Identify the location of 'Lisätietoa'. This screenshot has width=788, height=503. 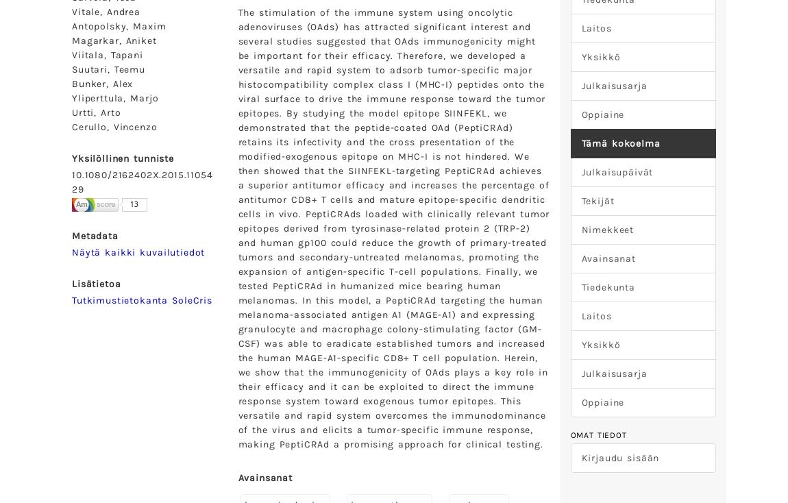
(95, 282).